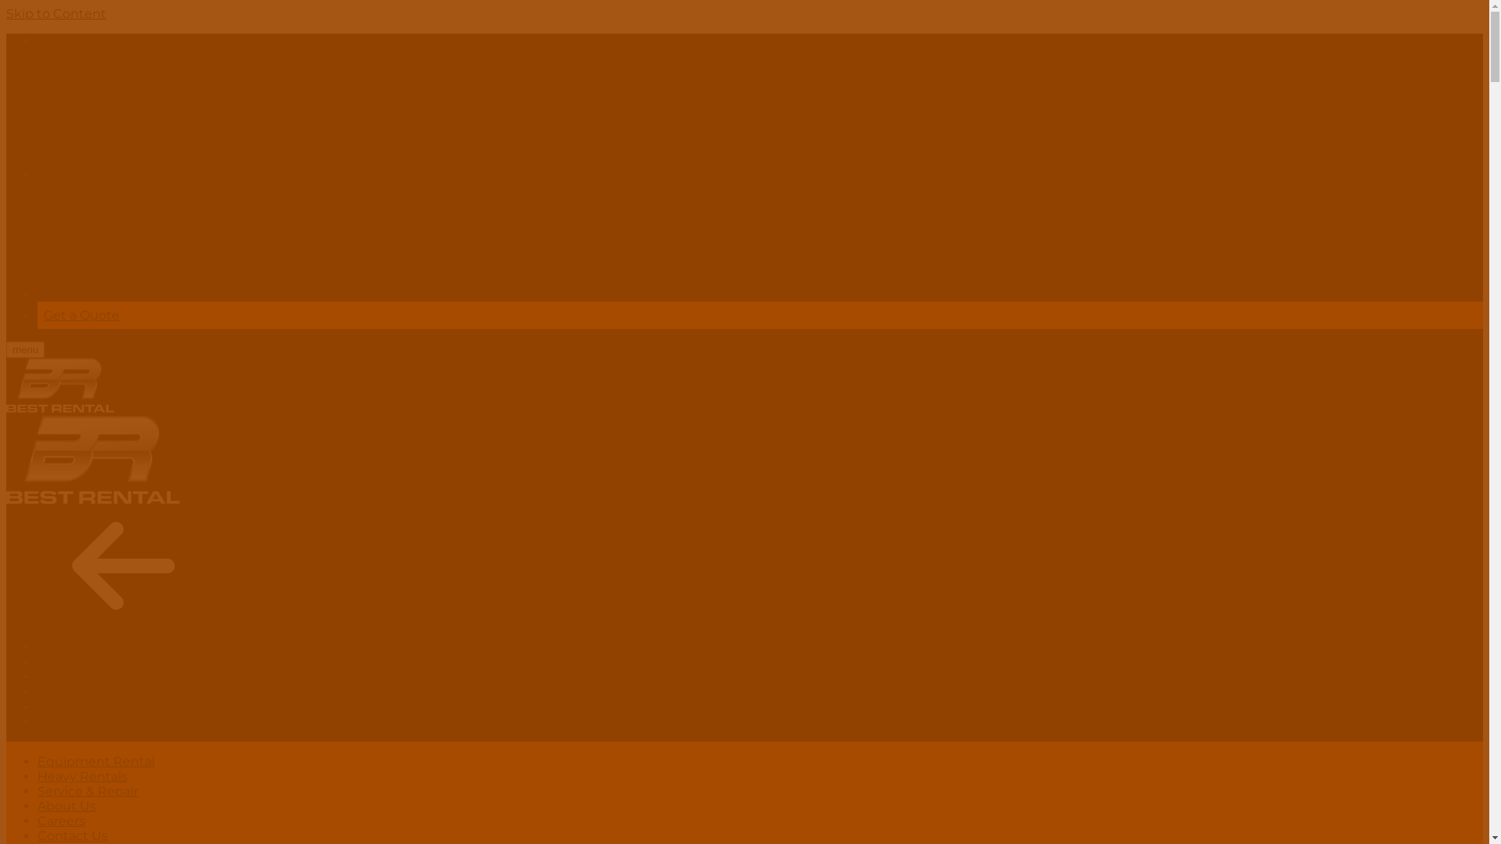 This screenshot has height=844, width=1501. Describe the element at coordinates (56, 13) in the screenshot. I see `'Skip to Content'` at that location.